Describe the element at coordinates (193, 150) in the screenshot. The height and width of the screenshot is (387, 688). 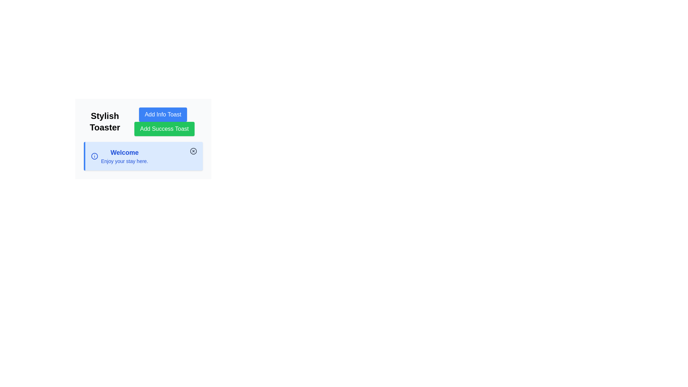
I see `the Close button icon, which is a circular icon with an outlined circle containing an 'x' shape in the center, located in the top-right corner of the notification card` at that location.